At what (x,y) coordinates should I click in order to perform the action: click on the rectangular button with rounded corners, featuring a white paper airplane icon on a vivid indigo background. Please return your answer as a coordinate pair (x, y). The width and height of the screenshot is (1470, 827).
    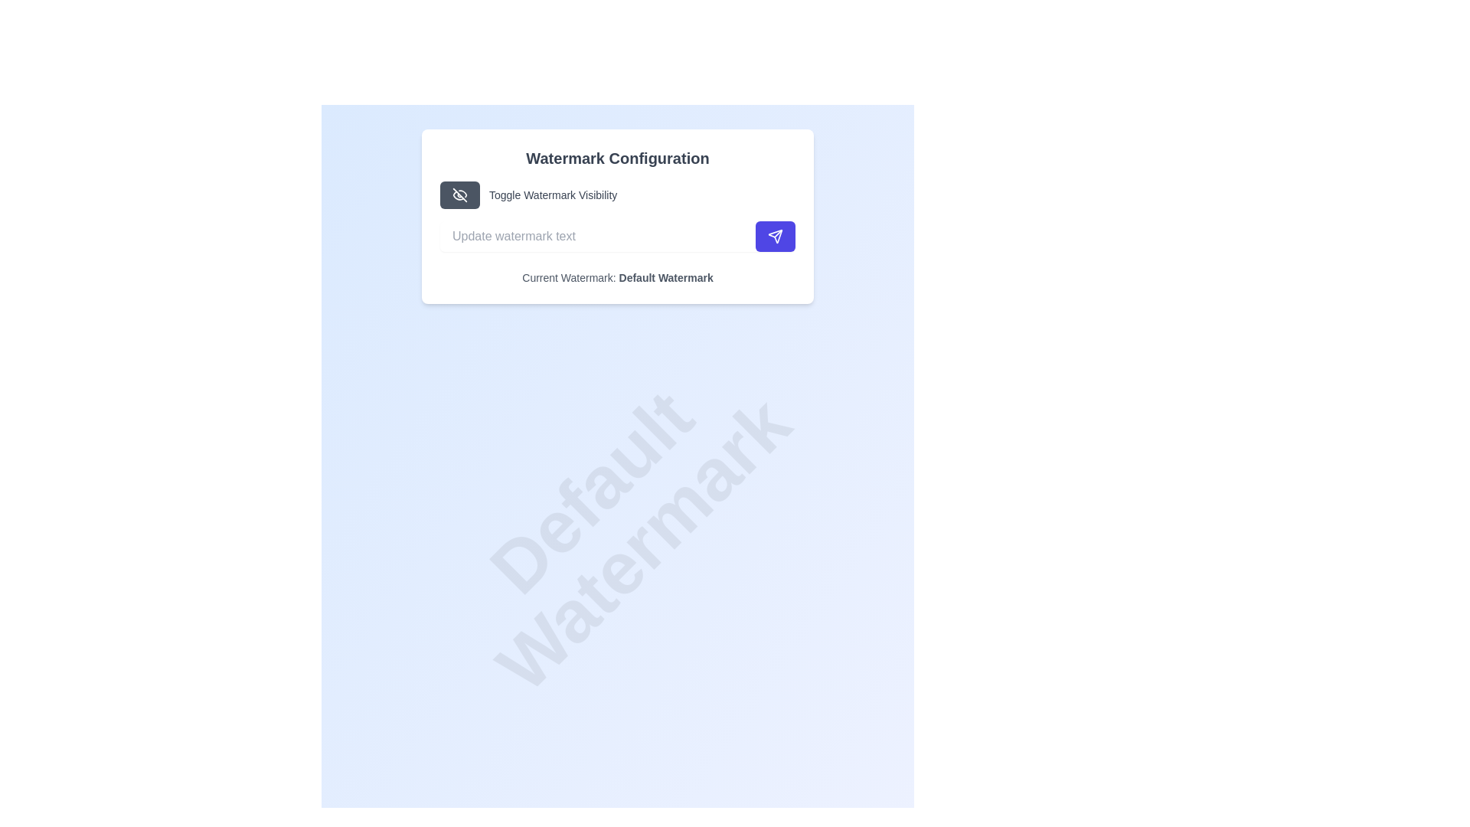
    Looking at the image, I should click on (775, 236).